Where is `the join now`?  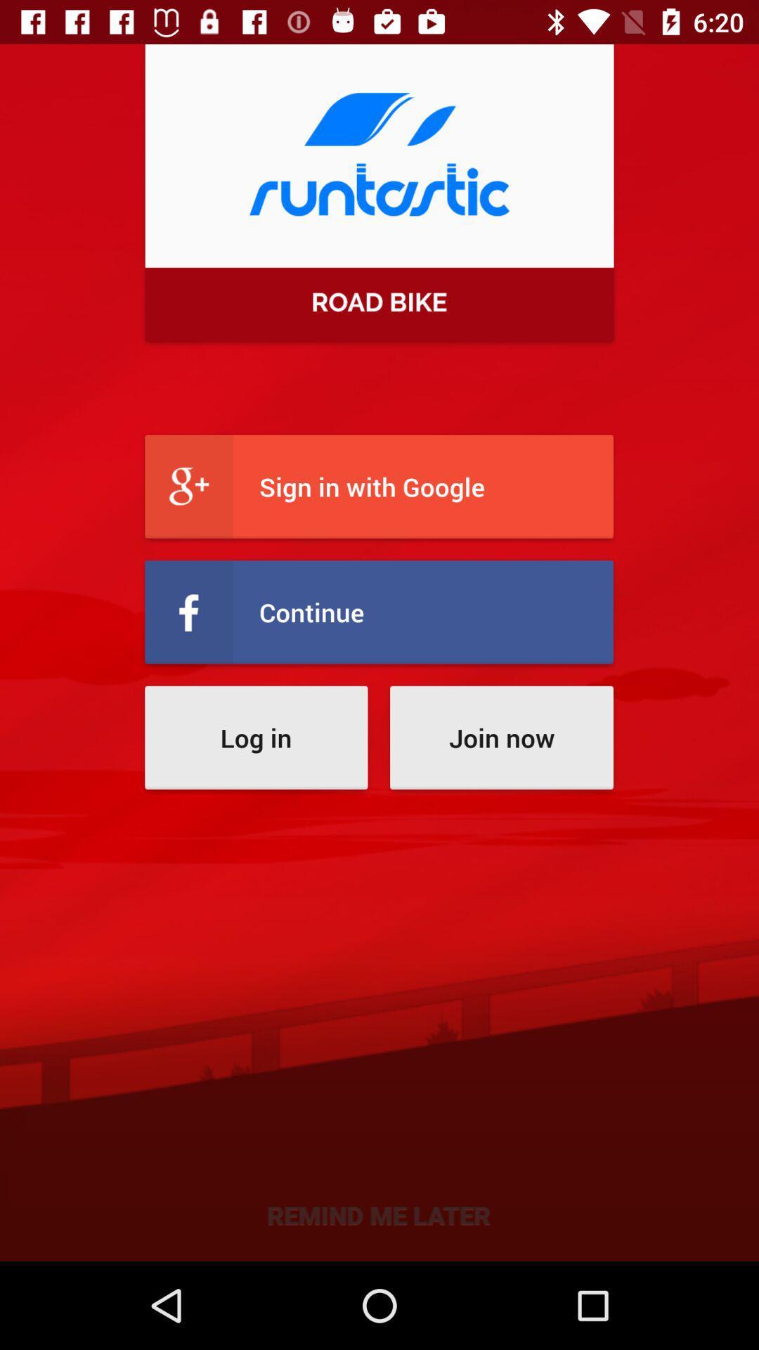 the join now is located at coordinates (500, 737).